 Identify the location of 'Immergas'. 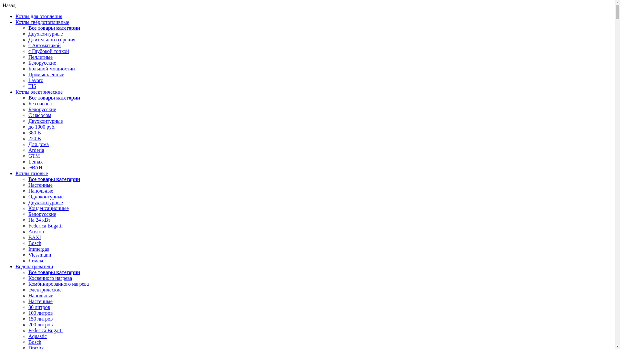
(38, 249).